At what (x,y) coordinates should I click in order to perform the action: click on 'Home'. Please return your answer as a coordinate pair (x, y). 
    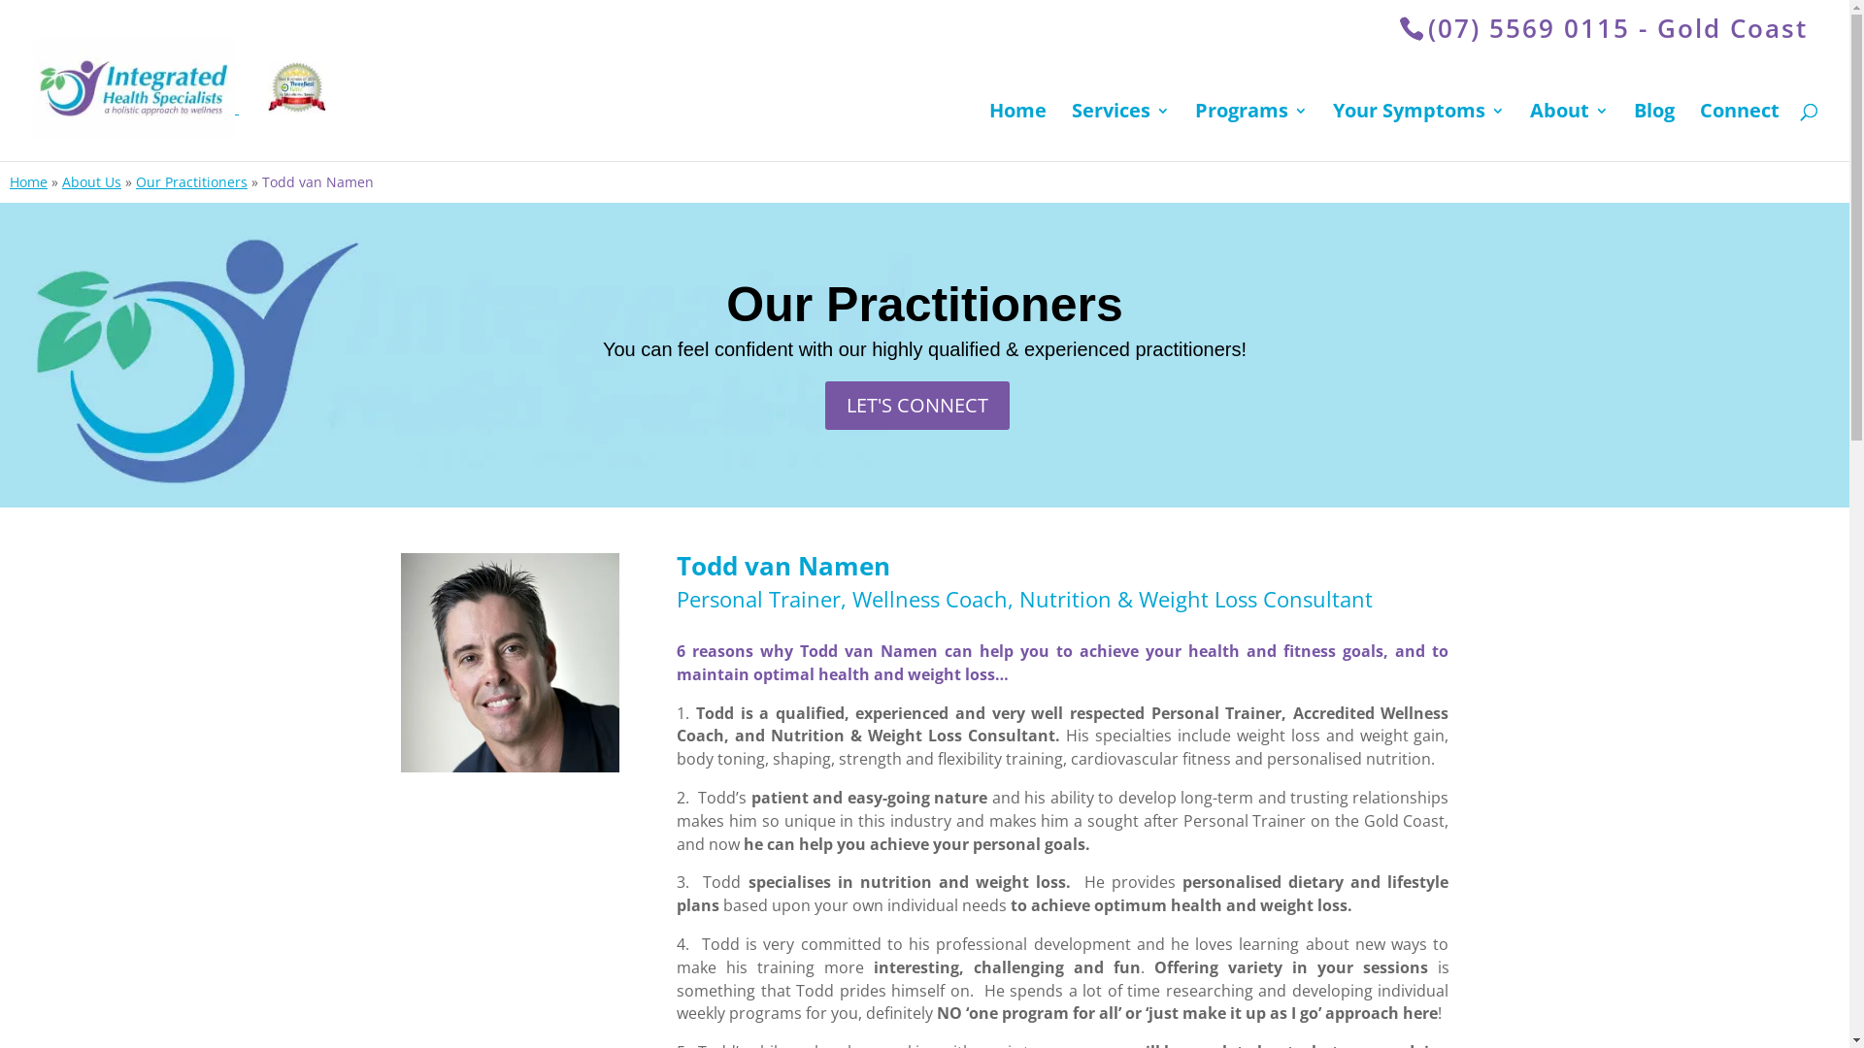
    Looking at the image, I should click on (988, 131).